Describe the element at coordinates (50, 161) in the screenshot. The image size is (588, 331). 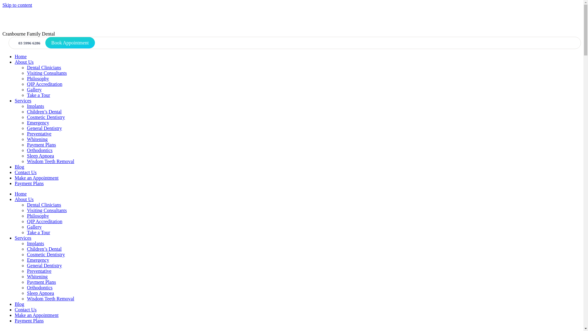
I see `'Wisdom Teeth Removal'` at that location.